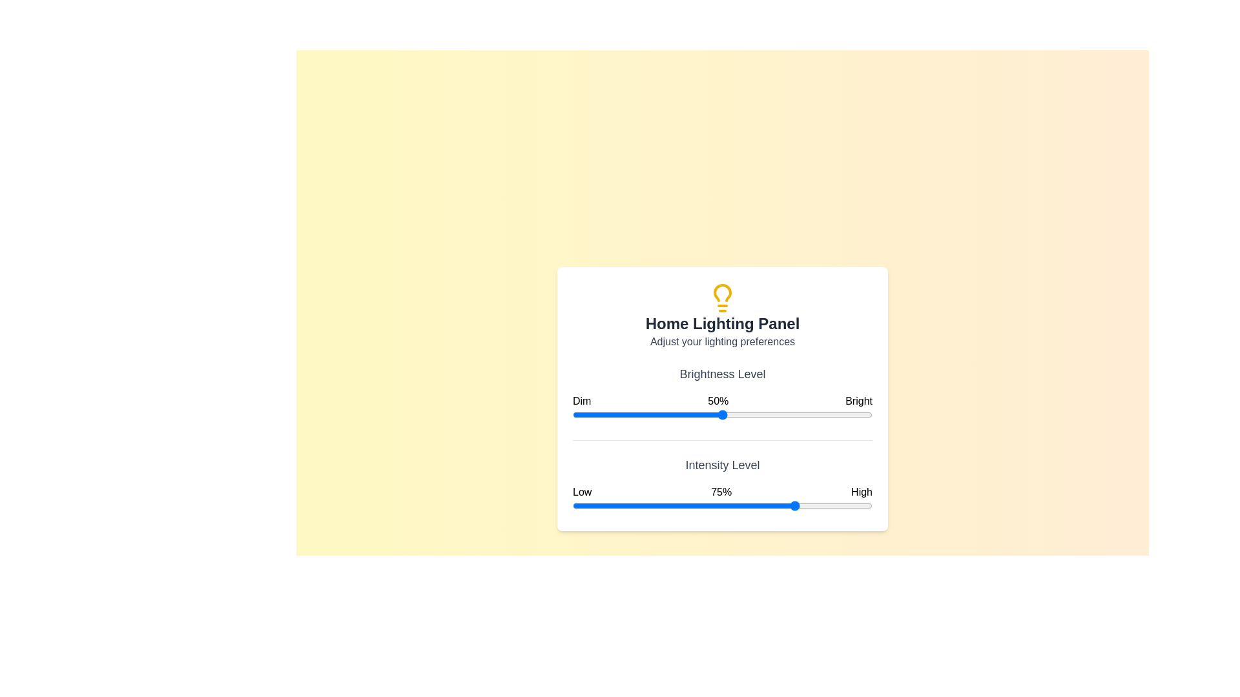 This screenshot has height=697, width=1240. Describe the element at coordinates (578, 505) in the screenshot. I see `the intensity level` at that location.